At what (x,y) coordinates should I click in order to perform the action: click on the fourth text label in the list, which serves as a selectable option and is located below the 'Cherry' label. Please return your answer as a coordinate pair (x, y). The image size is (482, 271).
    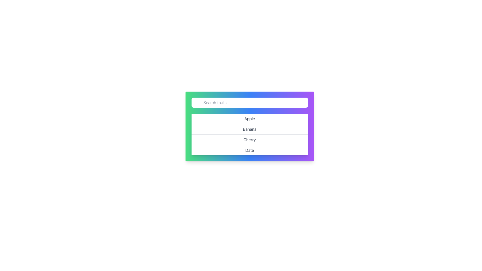
    Looking at the image, I should click on (250, 150).